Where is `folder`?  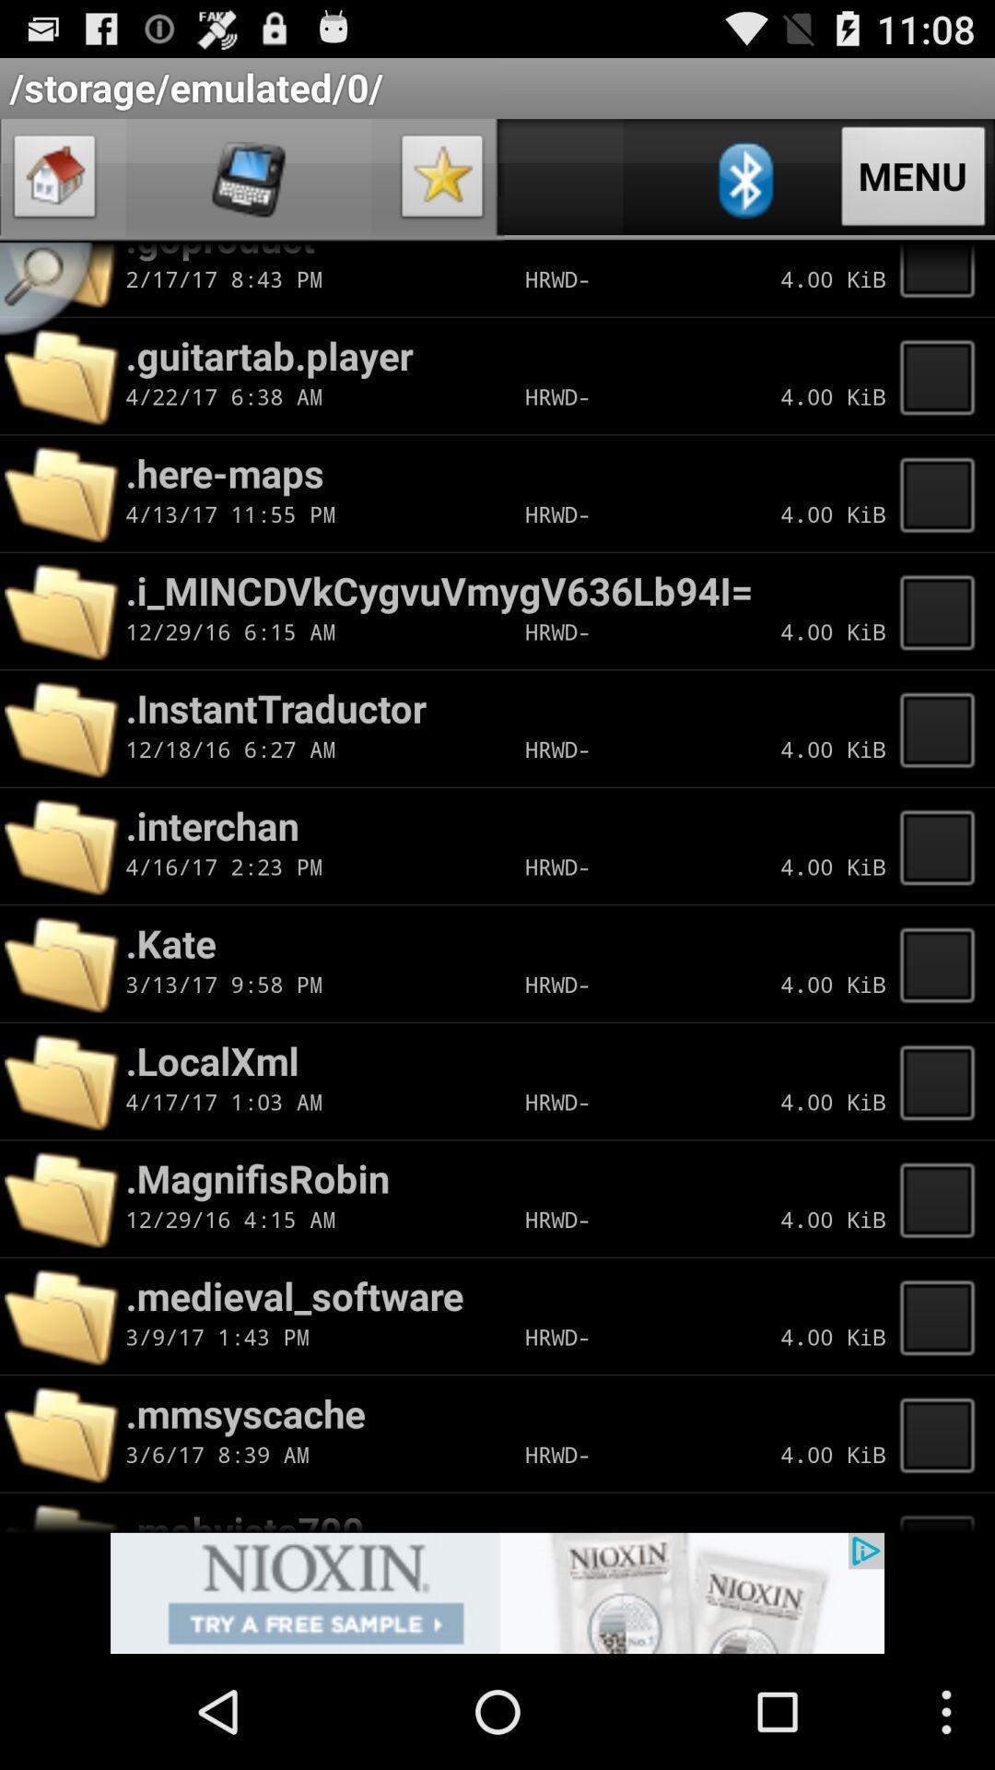
folder is located at coordinates (942, 962).